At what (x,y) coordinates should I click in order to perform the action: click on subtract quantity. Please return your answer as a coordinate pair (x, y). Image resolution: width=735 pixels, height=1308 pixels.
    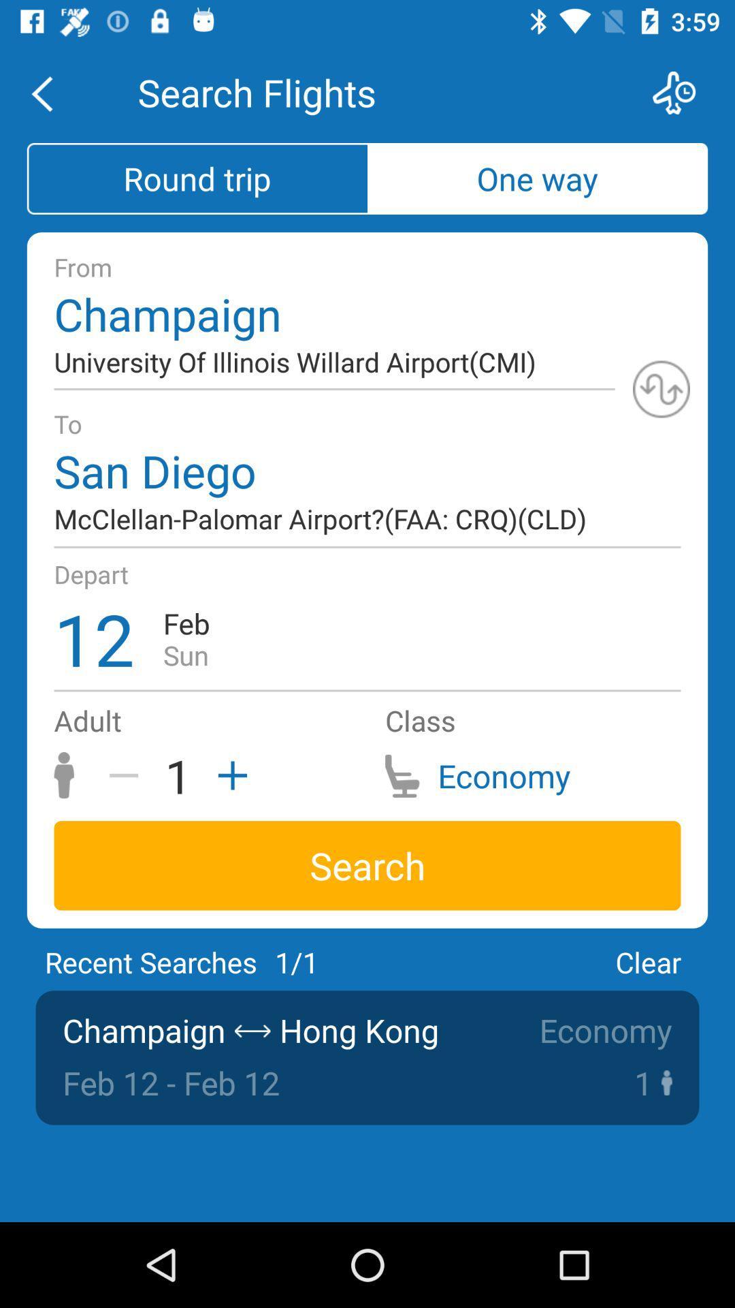
    Looking at the image, I should click on (129, 775).